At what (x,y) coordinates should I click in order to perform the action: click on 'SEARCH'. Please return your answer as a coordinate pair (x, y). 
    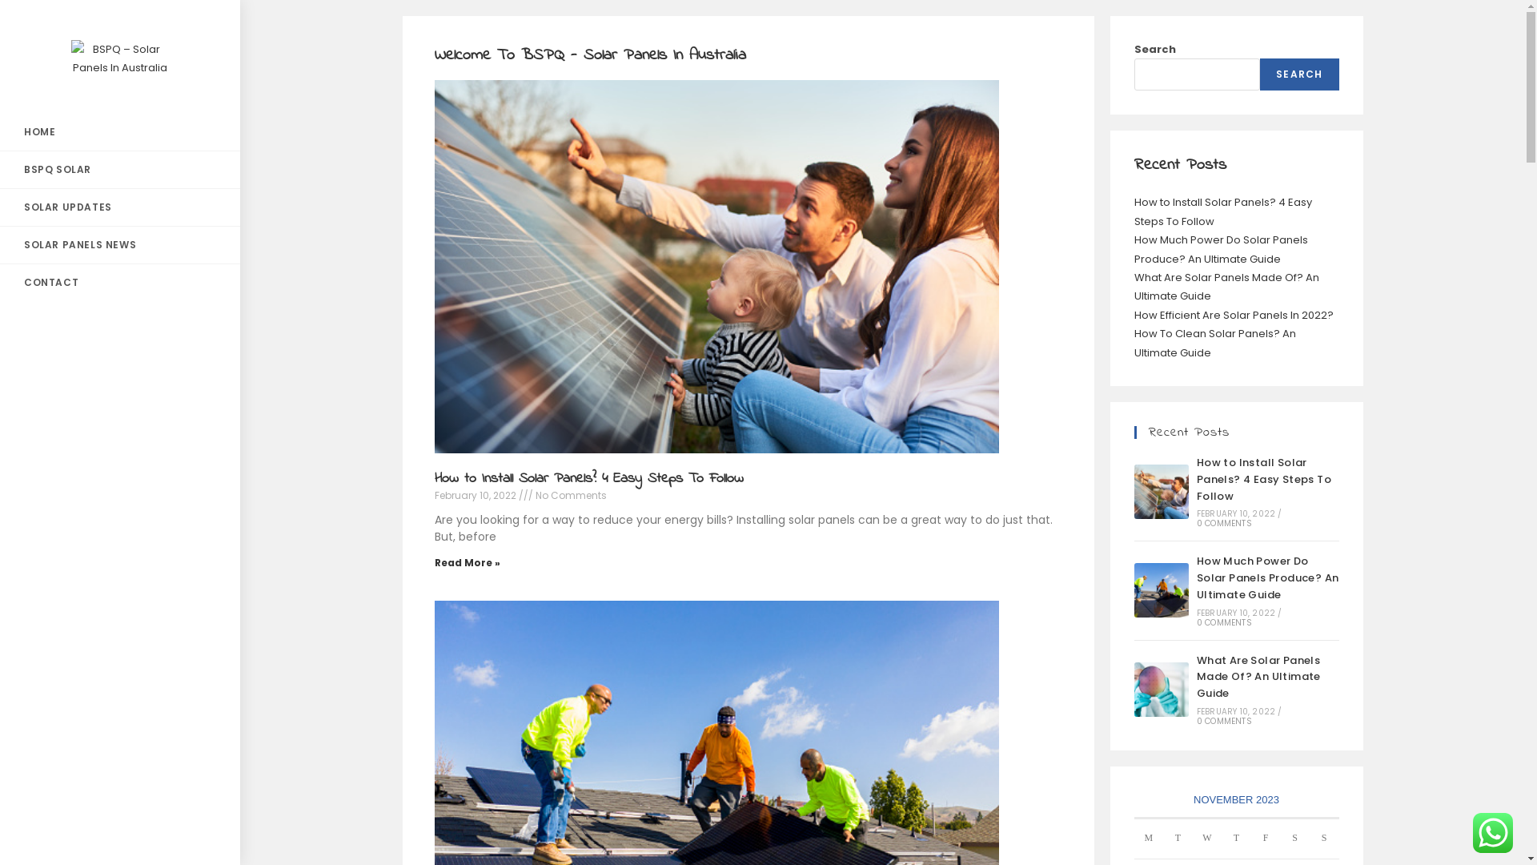
    Looking at the image, I should click on (1298, 74).